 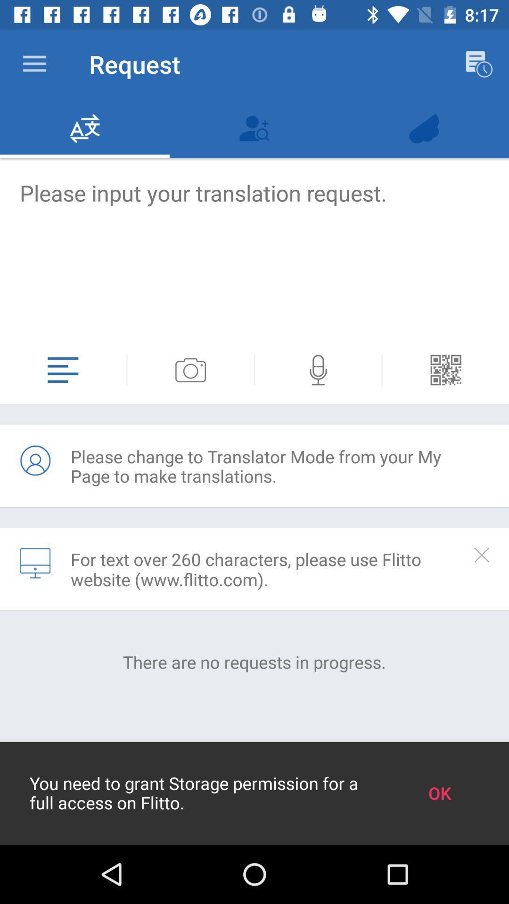 I want to click on item to the left of please change to item, so click(x=34, y=460).